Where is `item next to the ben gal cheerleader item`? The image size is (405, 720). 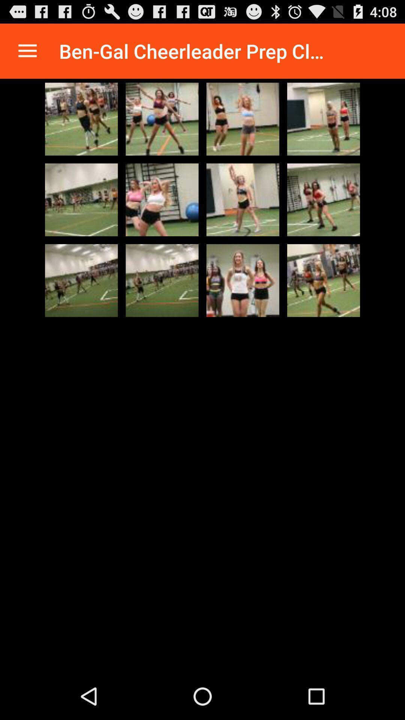
item next to the ben gal cheerleader item is located at coordinates (27, 51).